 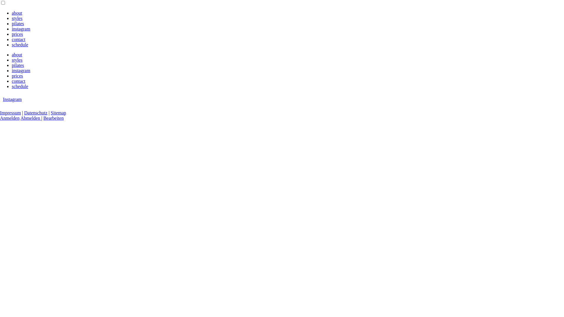 What do you see at coordinates (17, 55) in the screenshot?
I see `'about'` at bounding box center [17, 55].